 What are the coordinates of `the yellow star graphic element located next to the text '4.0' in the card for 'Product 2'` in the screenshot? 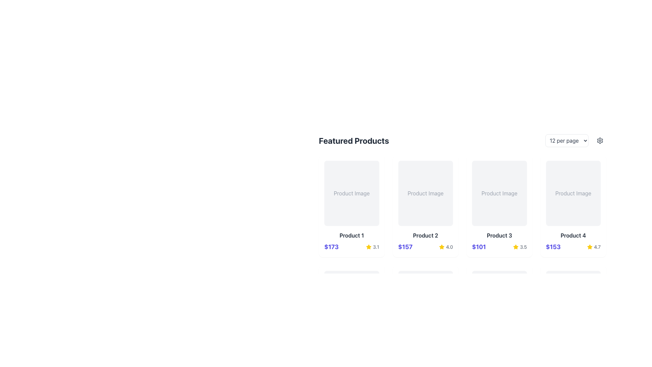 It's located at (442, 247).